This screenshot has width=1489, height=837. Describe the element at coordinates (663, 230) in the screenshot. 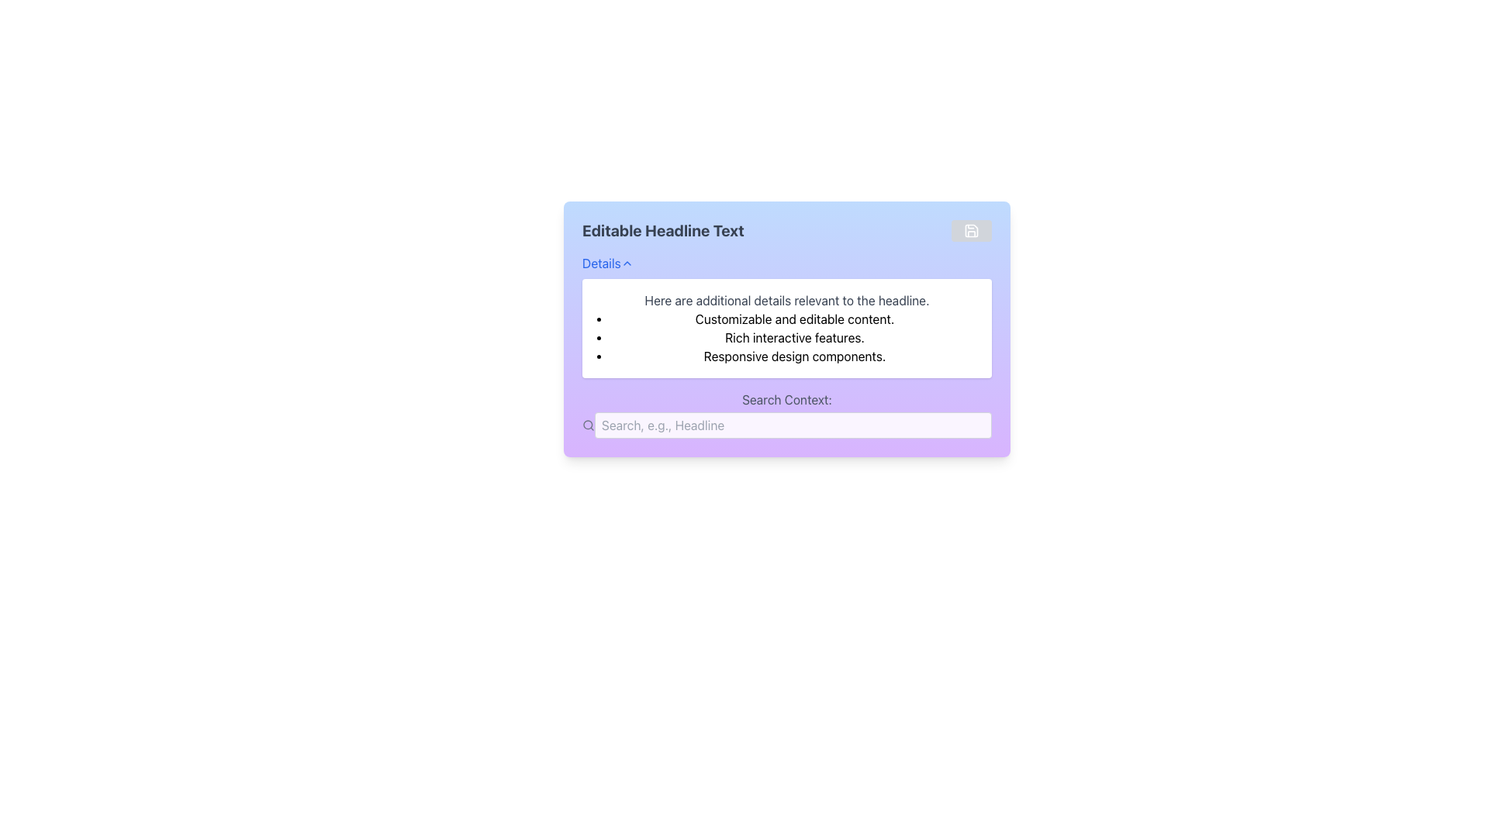

I see `the headline text that summarizes the content, located above the 'Details' dropdown` at that location.